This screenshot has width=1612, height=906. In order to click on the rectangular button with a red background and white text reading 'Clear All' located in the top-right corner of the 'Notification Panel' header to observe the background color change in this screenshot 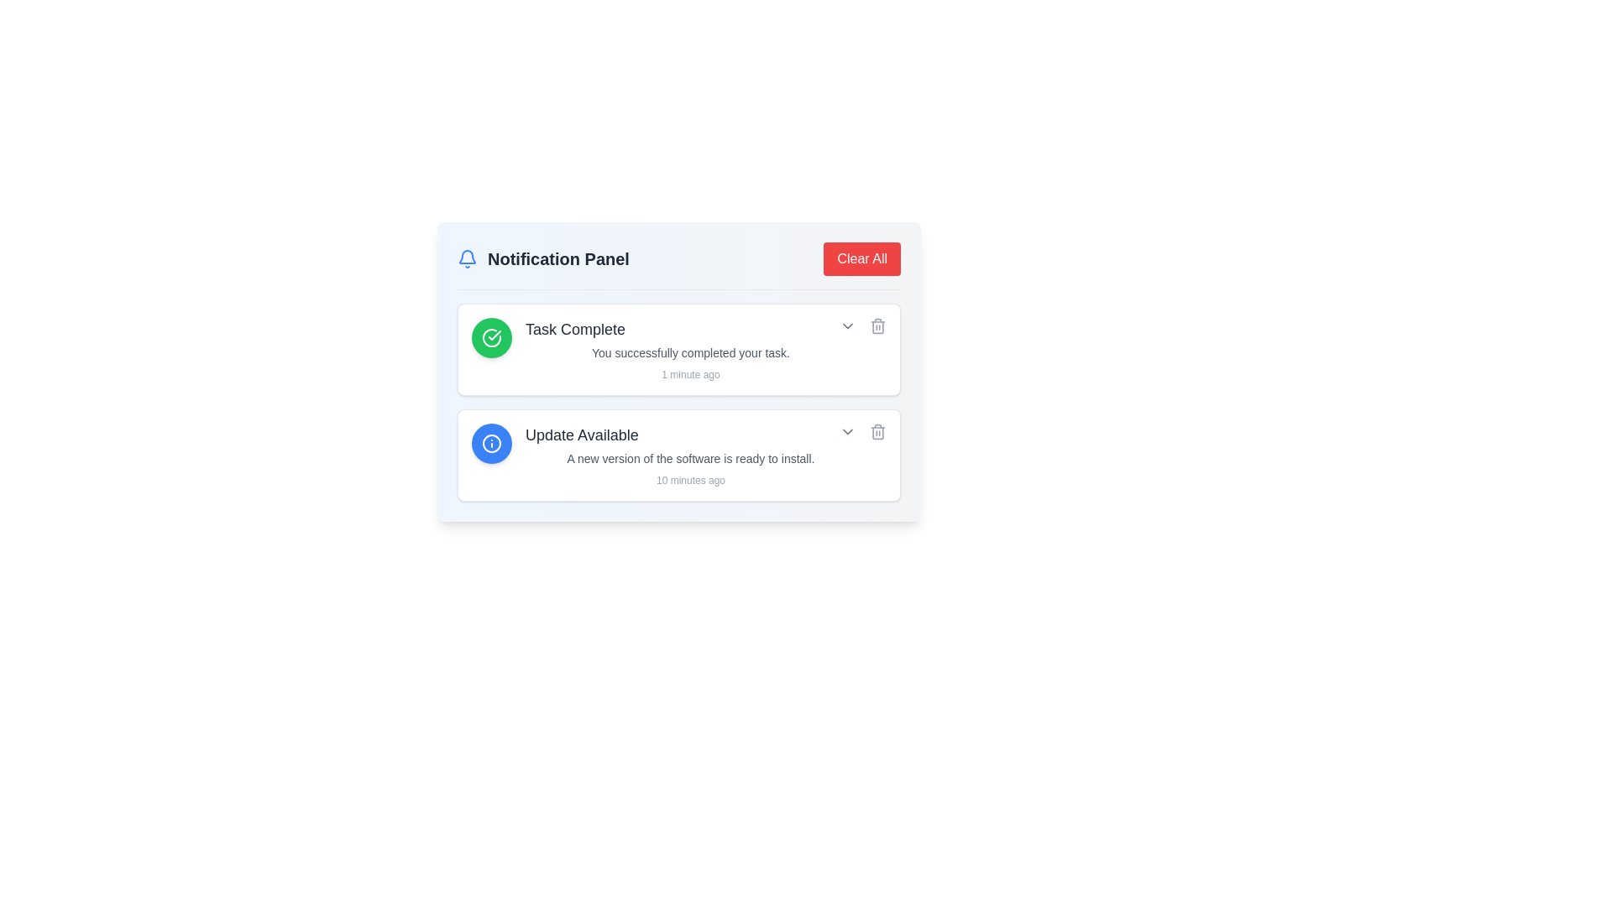, I will do `click(862, 258)`.